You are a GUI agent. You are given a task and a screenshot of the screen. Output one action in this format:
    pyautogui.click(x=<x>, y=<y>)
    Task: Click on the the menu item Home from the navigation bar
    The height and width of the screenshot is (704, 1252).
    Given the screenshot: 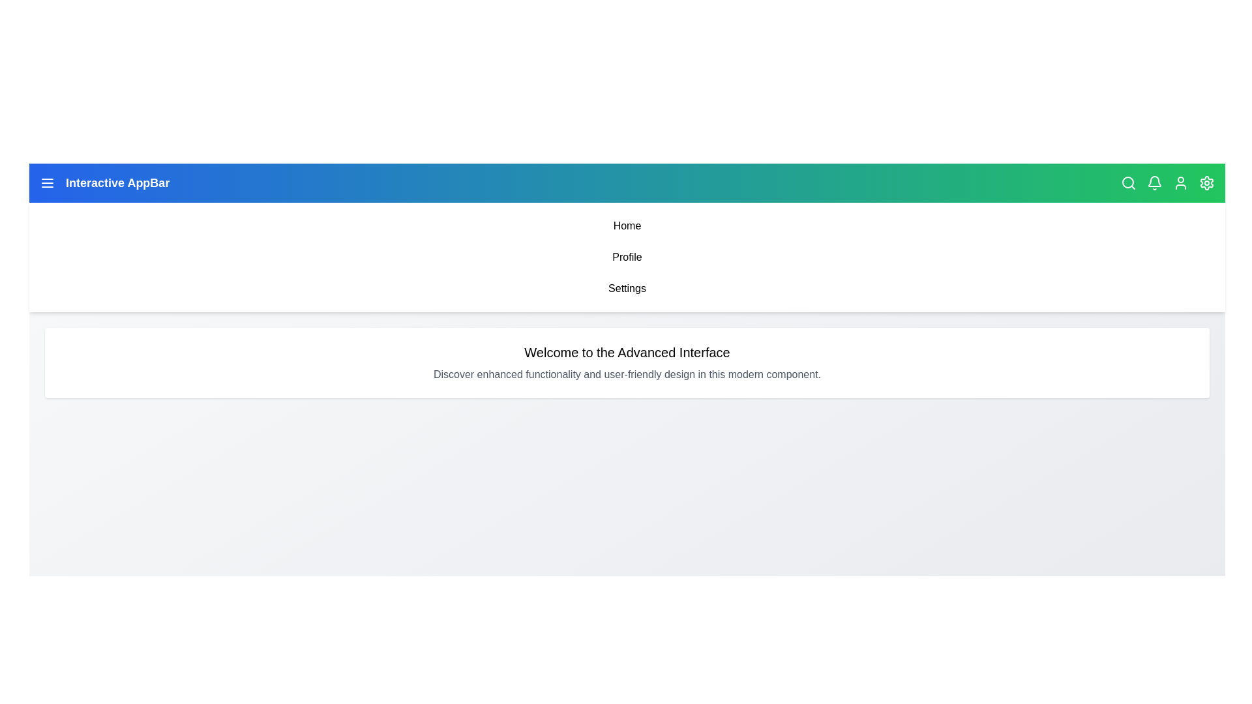 What is the action you would take?
    pyautogui.click(x=627, y=226)
    